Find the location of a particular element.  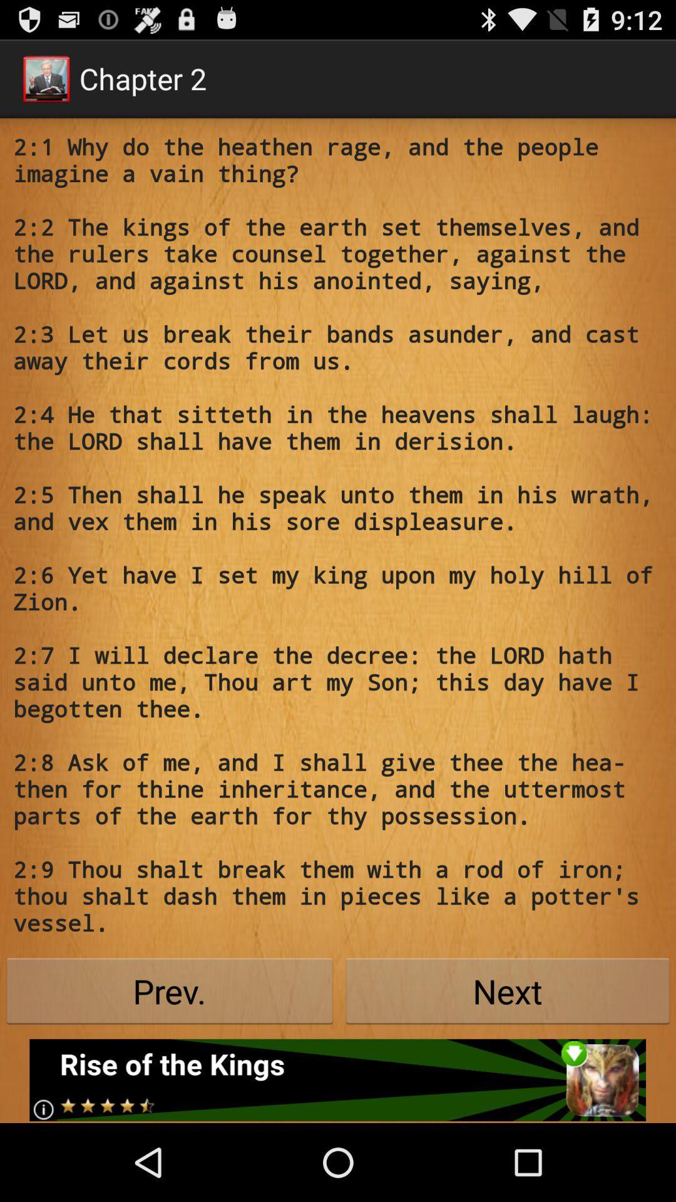

advertismet is located at coordinates (337, 1079).